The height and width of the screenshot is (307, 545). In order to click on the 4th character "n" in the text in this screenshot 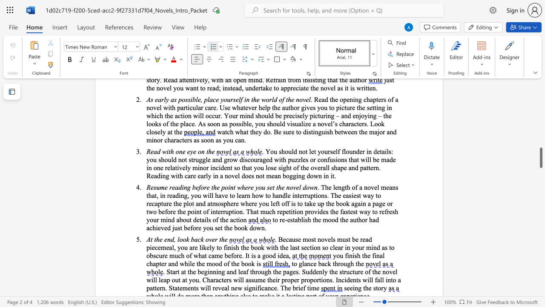, I will do `click(315, 187)`.